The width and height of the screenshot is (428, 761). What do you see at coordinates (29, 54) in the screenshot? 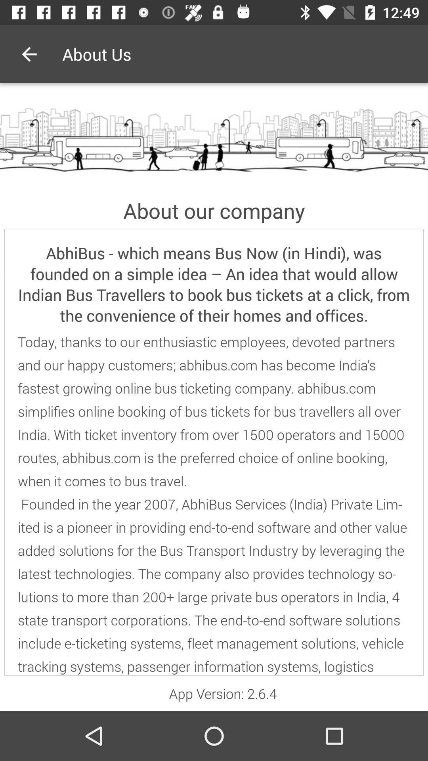
I see `the icon to the left of about us` at bounding box center [29, 54].